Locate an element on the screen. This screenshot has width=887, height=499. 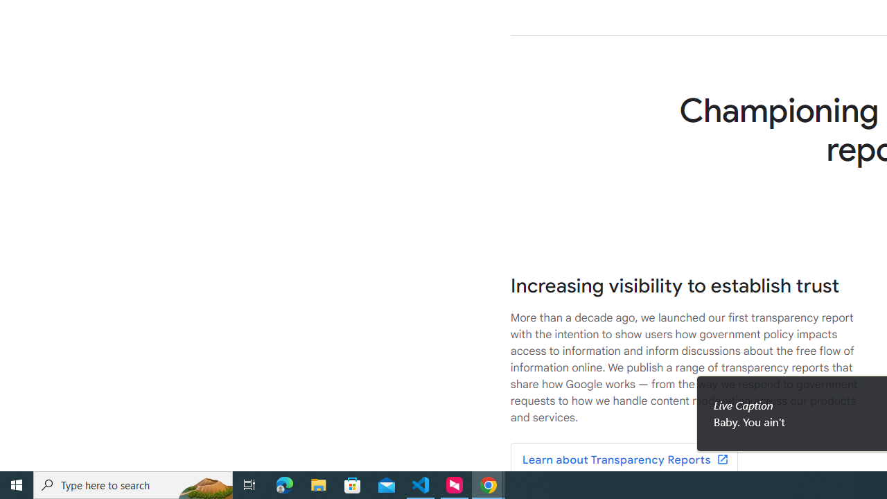
'Go to Transparency Report About web page' is located at coordinates (623, 460).